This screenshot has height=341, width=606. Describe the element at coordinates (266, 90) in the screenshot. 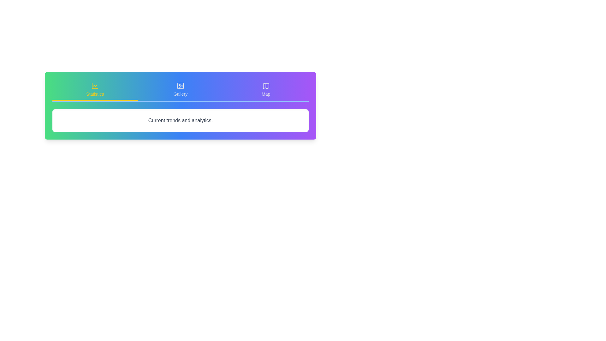

I see `the Map tab to view its content` at that location.